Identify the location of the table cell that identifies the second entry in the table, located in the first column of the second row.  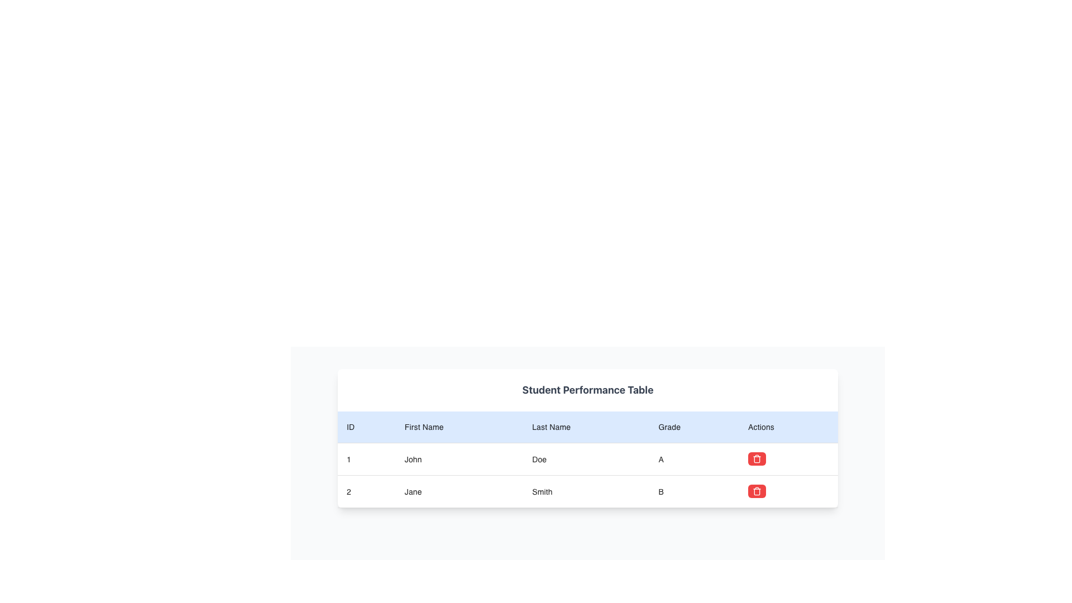
(366, 491).